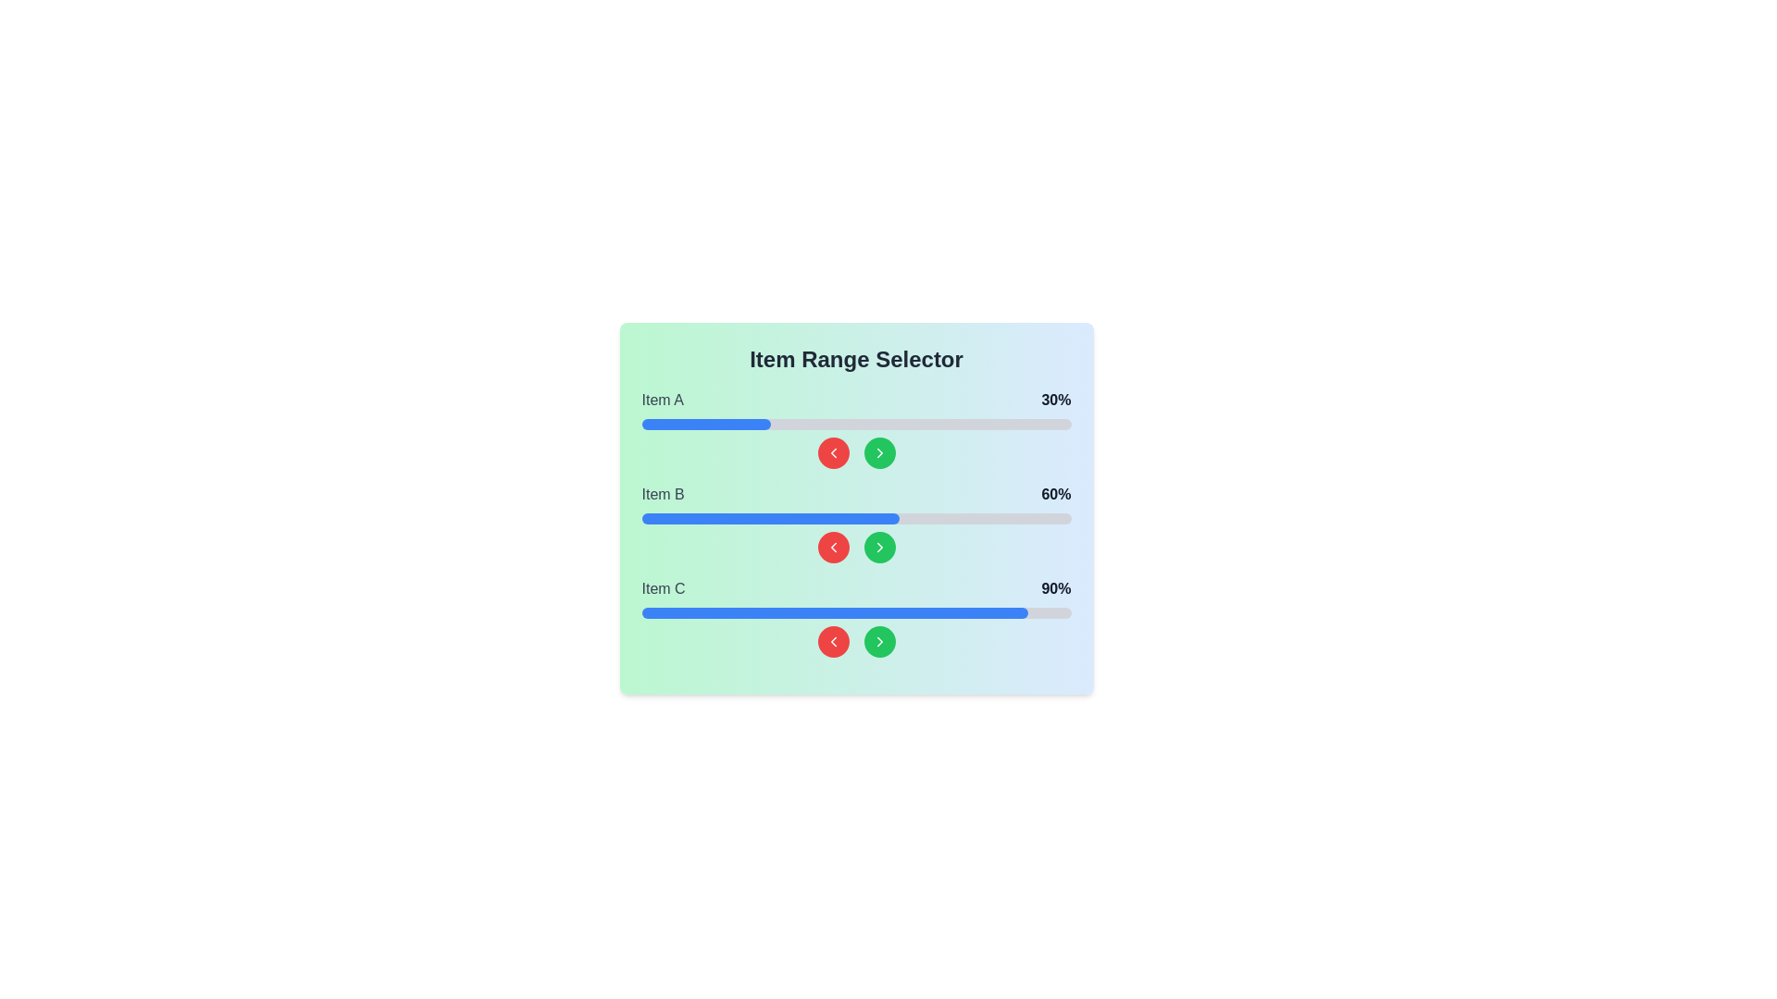 This screenshot has height=999, width=1777. I want to click on the third progress bar in the 'Item Range Selector' list, which is located beneath the label 'Item C' and above the circular buttons, with a light gray background and a blue filled segment, so click(855, 613).